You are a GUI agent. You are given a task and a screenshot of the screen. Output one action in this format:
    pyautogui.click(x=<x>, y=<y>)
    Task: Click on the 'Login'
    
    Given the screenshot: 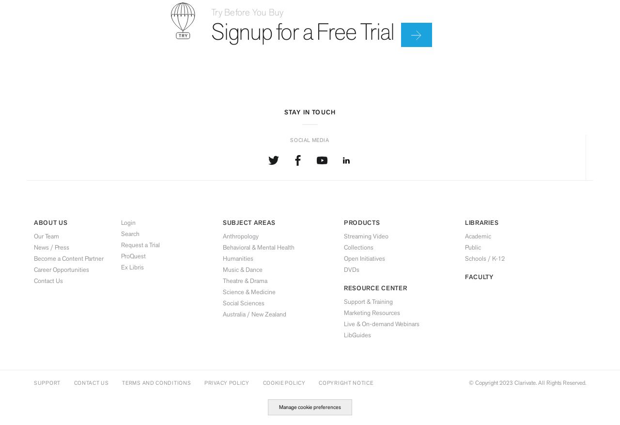 What is the action you would take?
    pyautogui.click(x=127, y=222)
    